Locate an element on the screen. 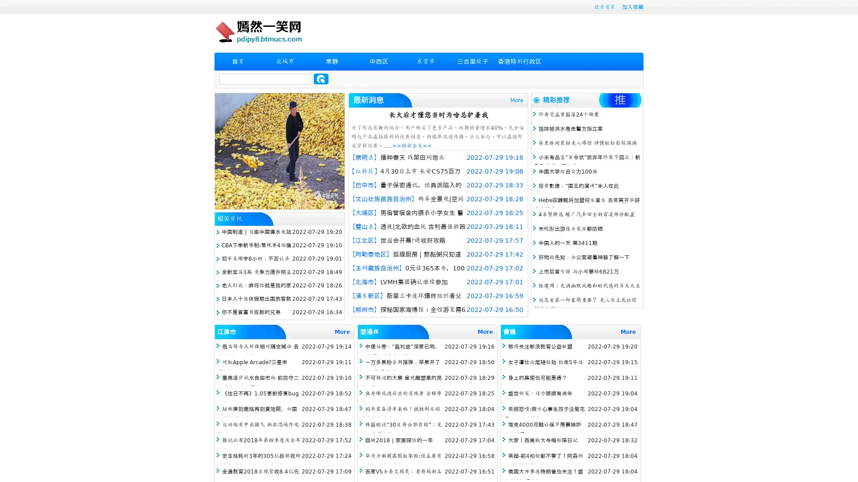 Image resolution: width=858 pixels, height=482 pixels. Search is located at coordinates (321, 79).